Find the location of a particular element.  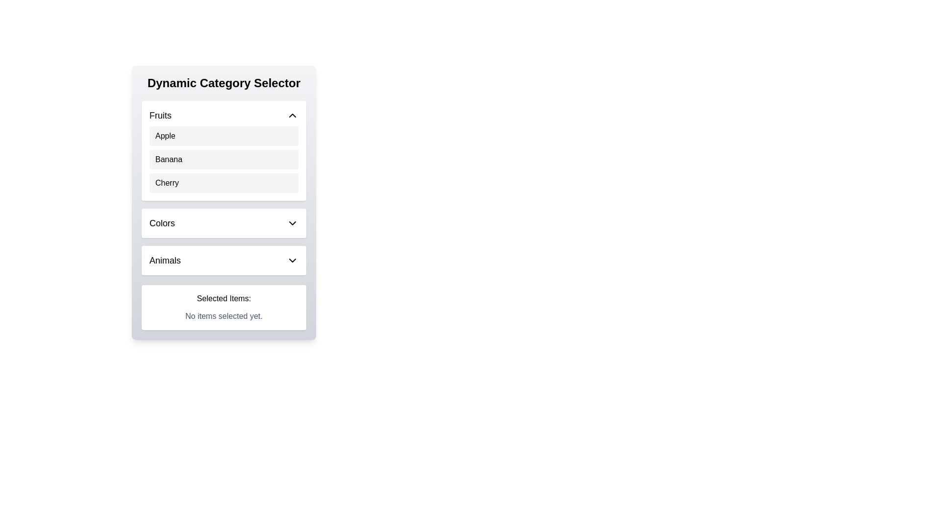

the second item in the dropdown list under 'Fruits' to change its background color is located at coordinates (223, 159).